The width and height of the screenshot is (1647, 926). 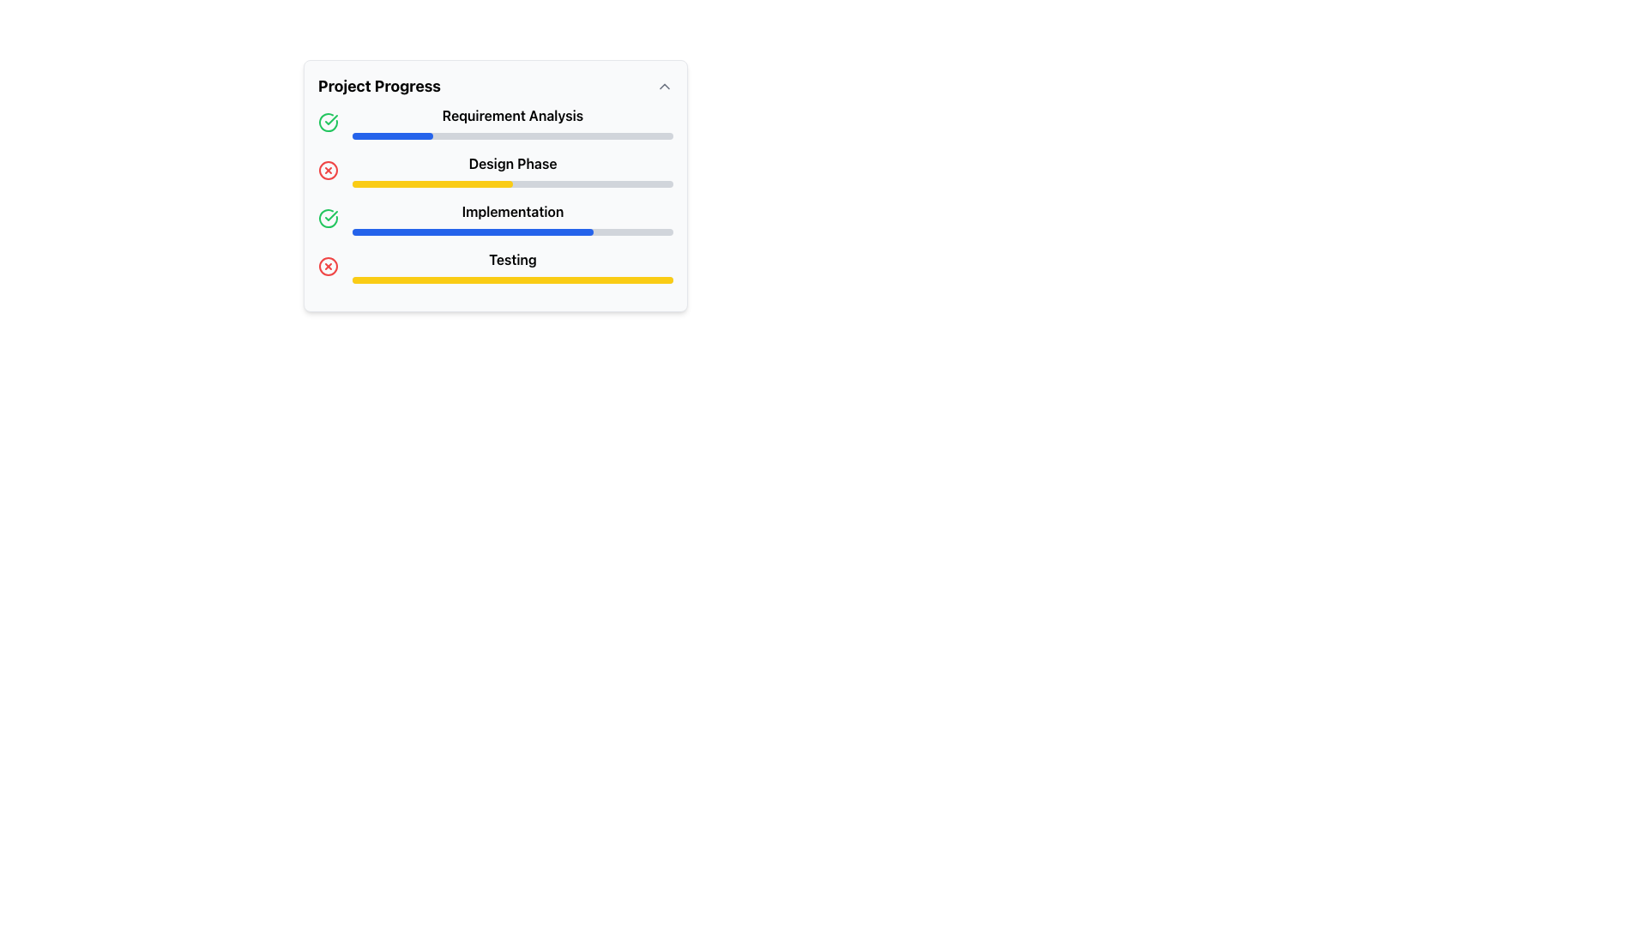 What do you see at coordinates (512, 217) in the screenshot?
I see `the progress bar labeled 'Implementation' which has a blue filled section and is located in the third row under 'Project Progress'` at bounding box center [512, 217].